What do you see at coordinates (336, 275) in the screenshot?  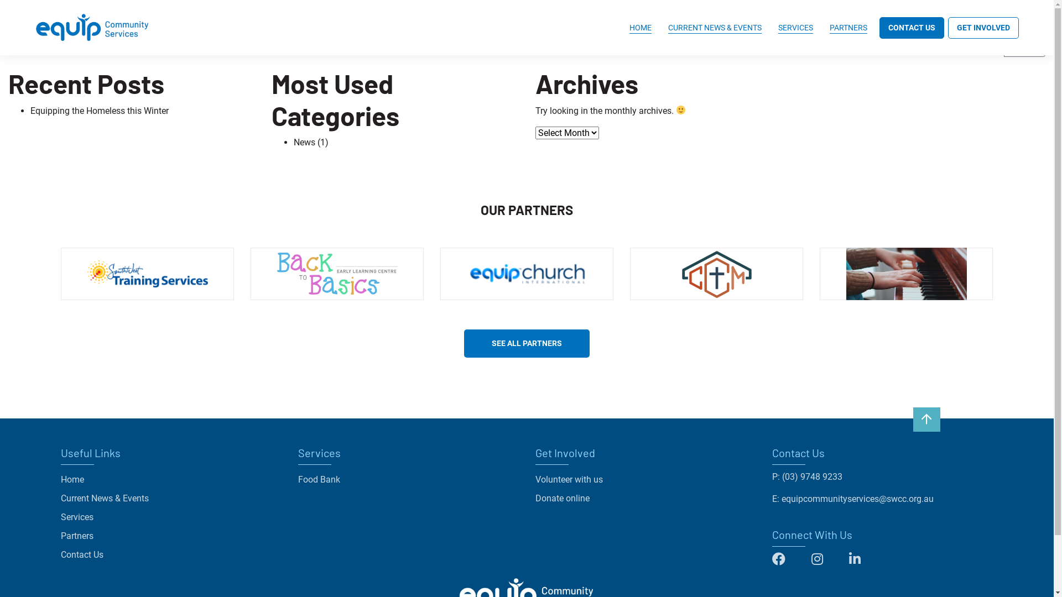 I see `'Back to Basics'` at bounding box center [336, 275].